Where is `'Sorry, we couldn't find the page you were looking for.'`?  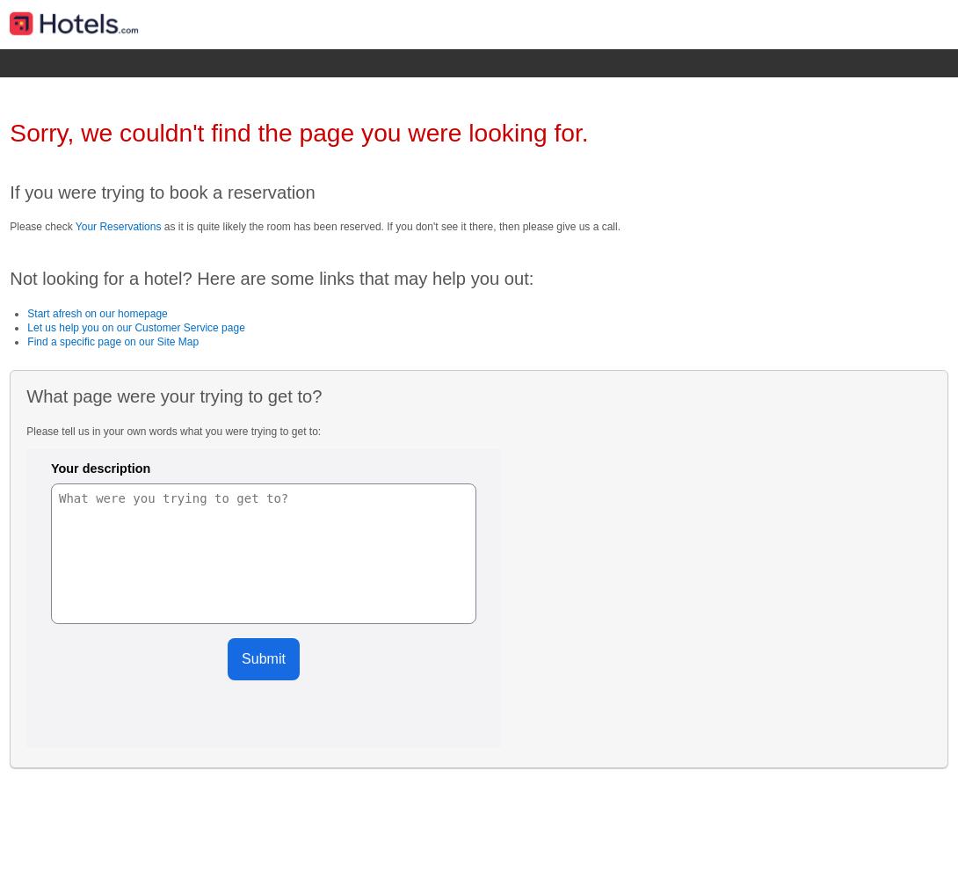
'Sorry, we couldn't find the page you were looking for.' is located at coordinates (297, 133).